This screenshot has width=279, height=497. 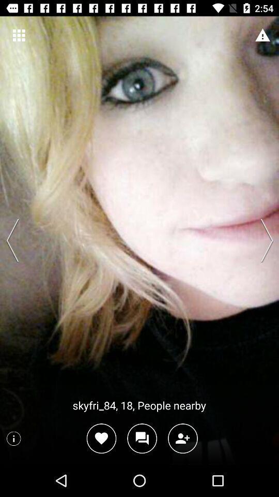 What do you see at coordinates (263, 240) in the screenshot?
I see `move option` at bounding box center [263, 240].